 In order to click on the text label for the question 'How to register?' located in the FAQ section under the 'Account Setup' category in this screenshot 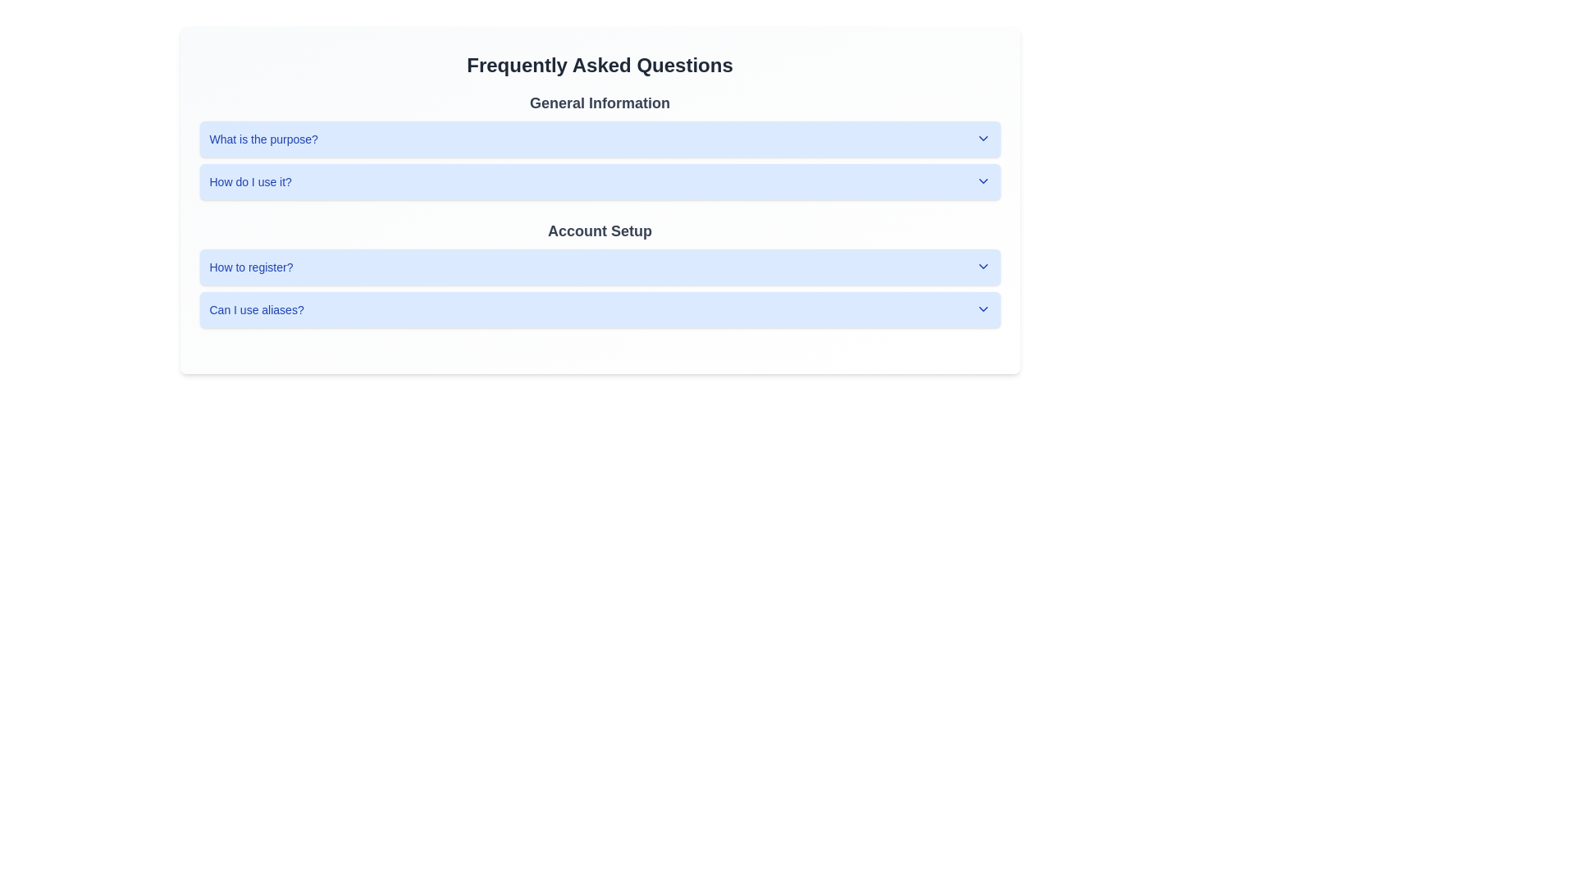, I will do `click(250, 267)`.